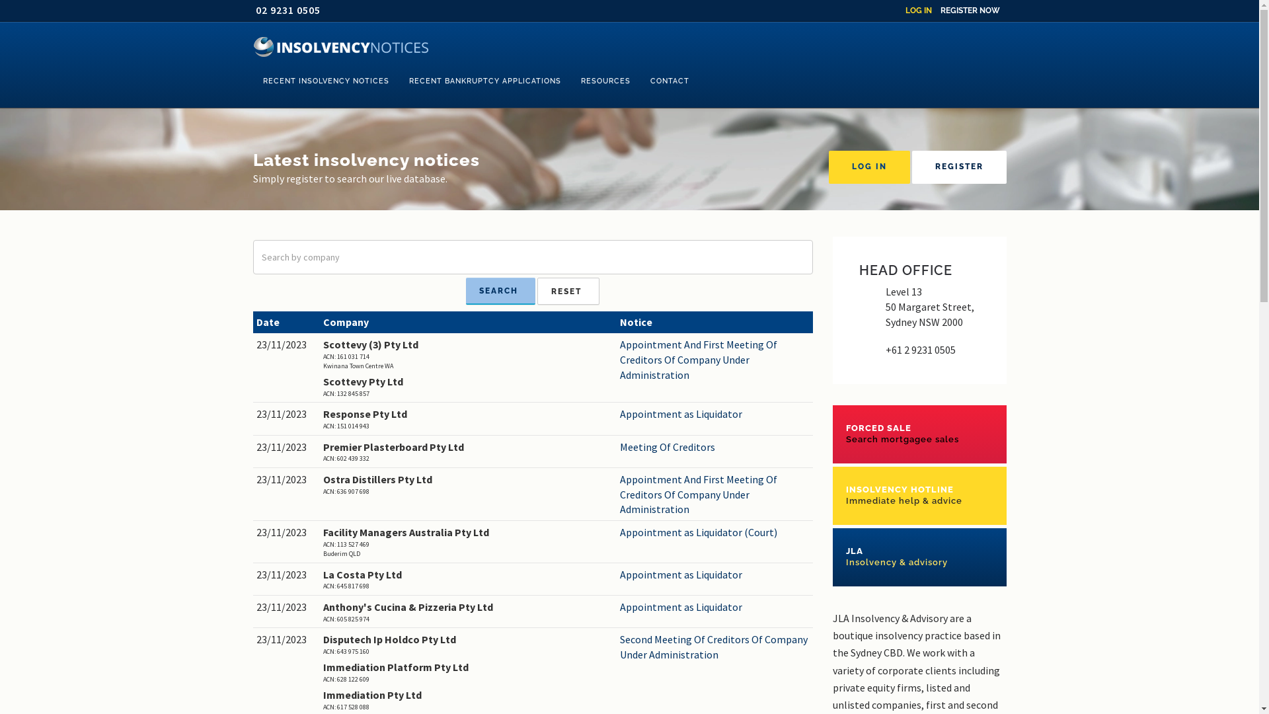  Describe the element at coordinates (714, 647) in the screenshot. I see `'Second Meeting Of Creditors Of Company Under Administration'` at that location.